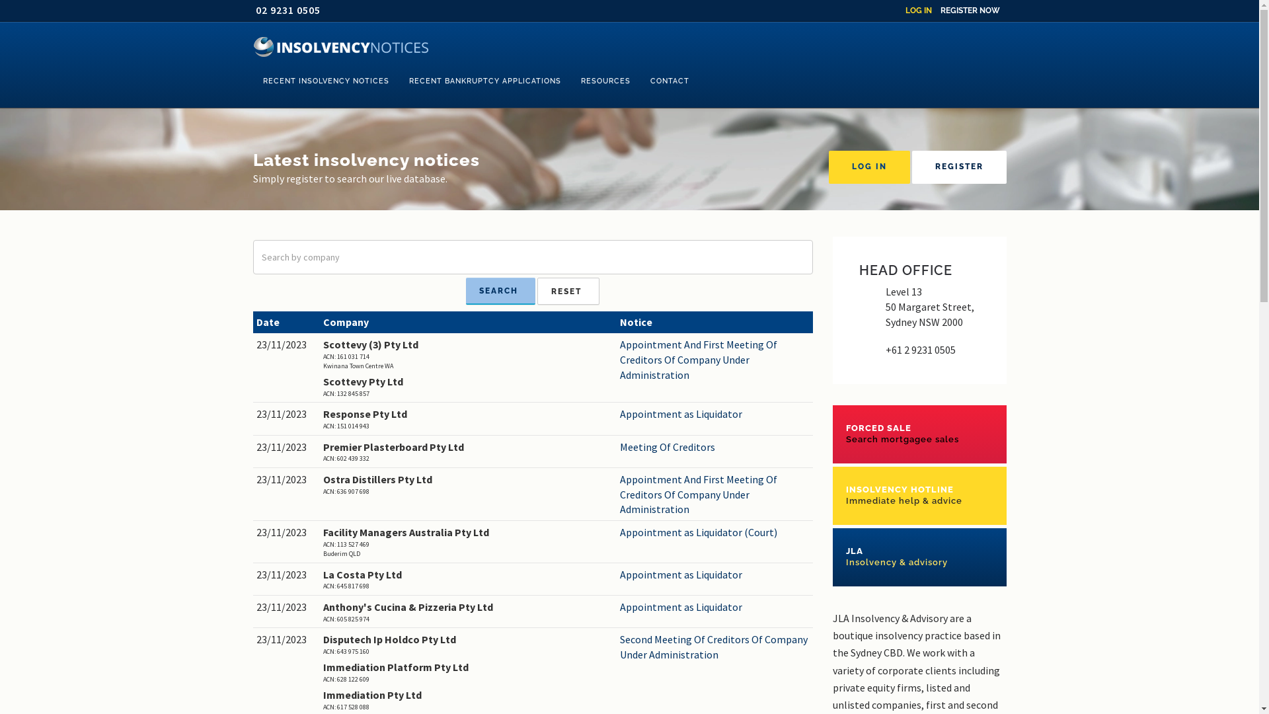  Describe the element at coordinates (714, 647) in the screenshot. I see `'Second Meeting Of Creditors Of Company Under Administration'` at that location.